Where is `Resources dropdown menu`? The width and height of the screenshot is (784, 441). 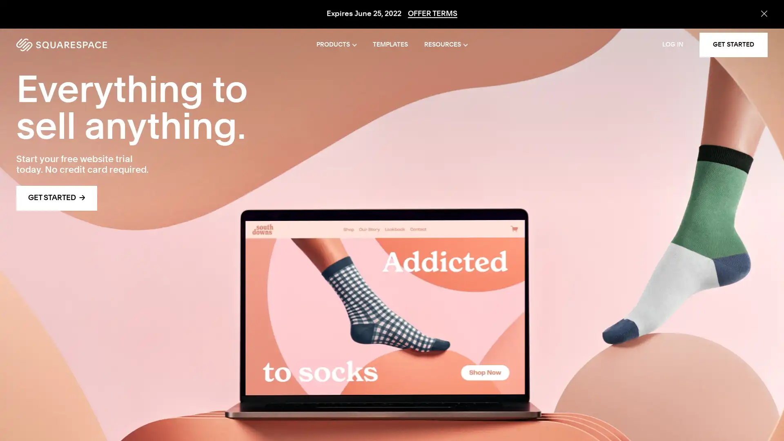 Resources dropdown menu is located at coordinates (445, 45).